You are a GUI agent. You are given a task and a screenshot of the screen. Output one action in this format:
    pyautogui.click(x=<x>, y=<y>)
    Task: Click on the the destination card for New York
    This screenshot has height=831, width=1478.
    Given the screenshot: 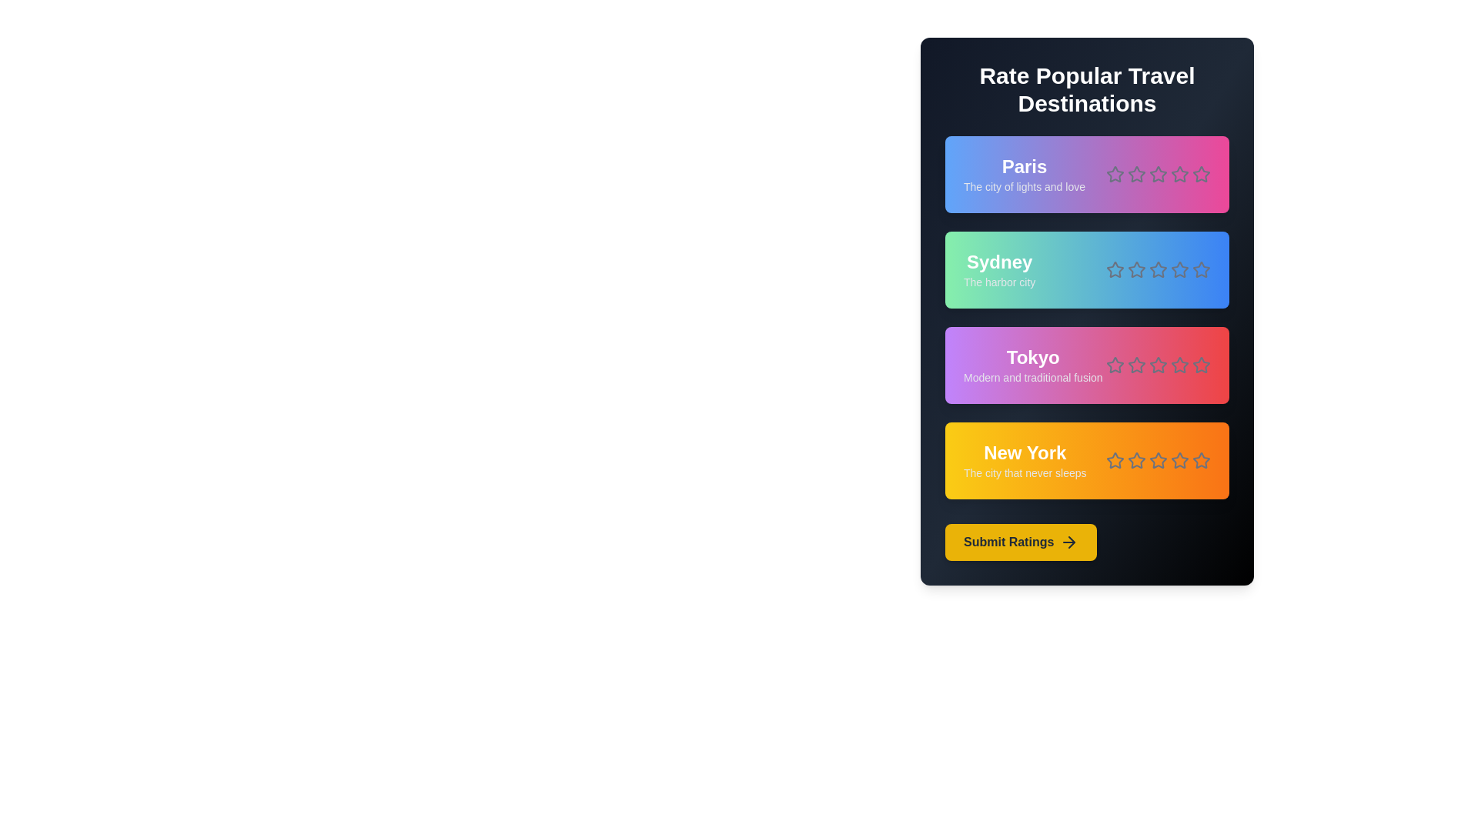 What is the action you would take?
    pyautogui.click(x=1086, y=459)
    